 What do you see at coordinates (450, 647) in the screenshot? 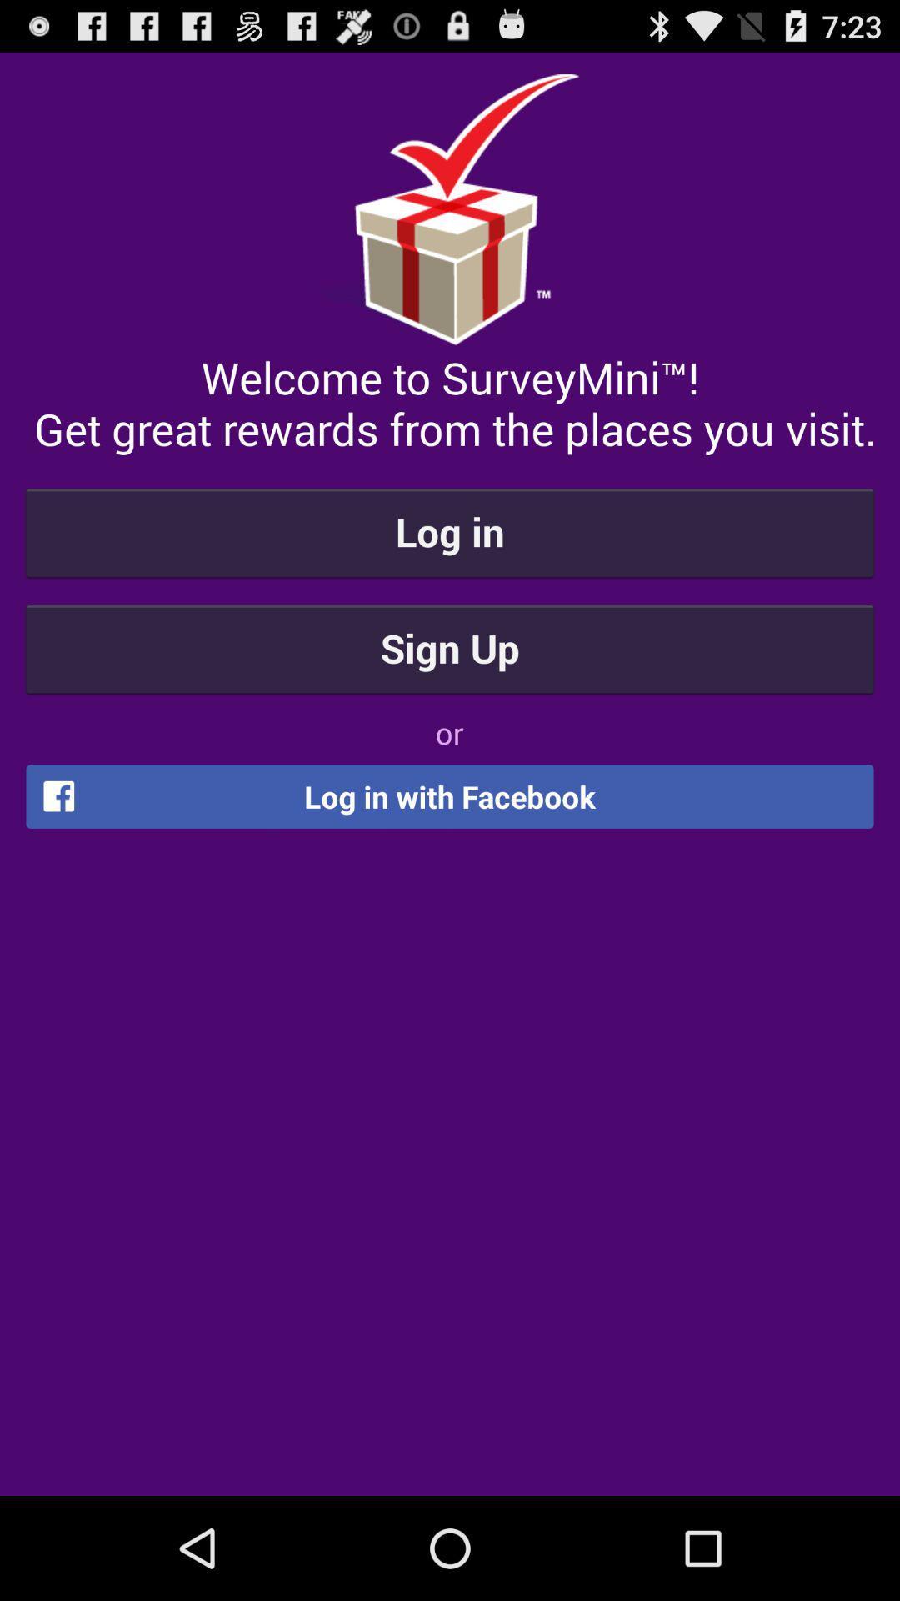
I see `item above the or icon` at bounding box center [450, 647].